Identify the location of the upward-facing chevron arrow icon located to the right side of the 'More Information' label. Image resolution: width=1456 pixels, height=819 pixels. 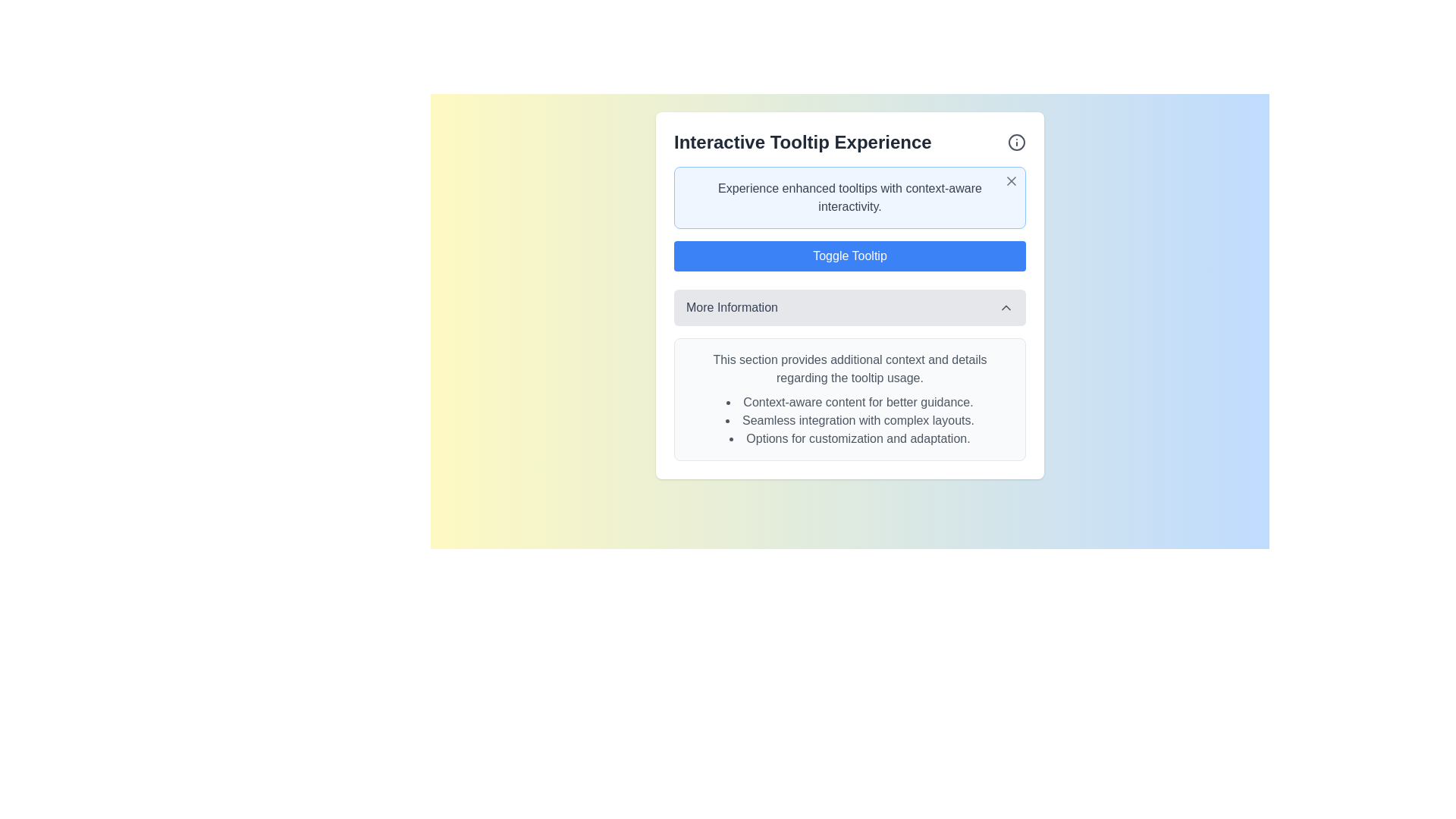
(1006, 307).